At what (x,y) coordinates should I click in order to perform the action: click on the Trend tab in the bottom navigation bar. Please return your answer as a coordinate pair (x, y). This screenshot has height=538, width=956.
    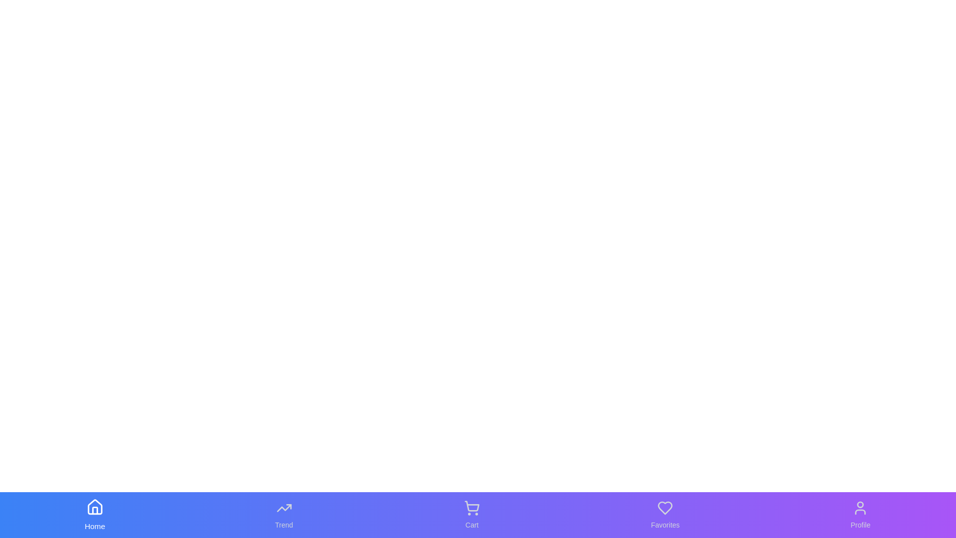
    Looking at the image, I should click on (283, 515).